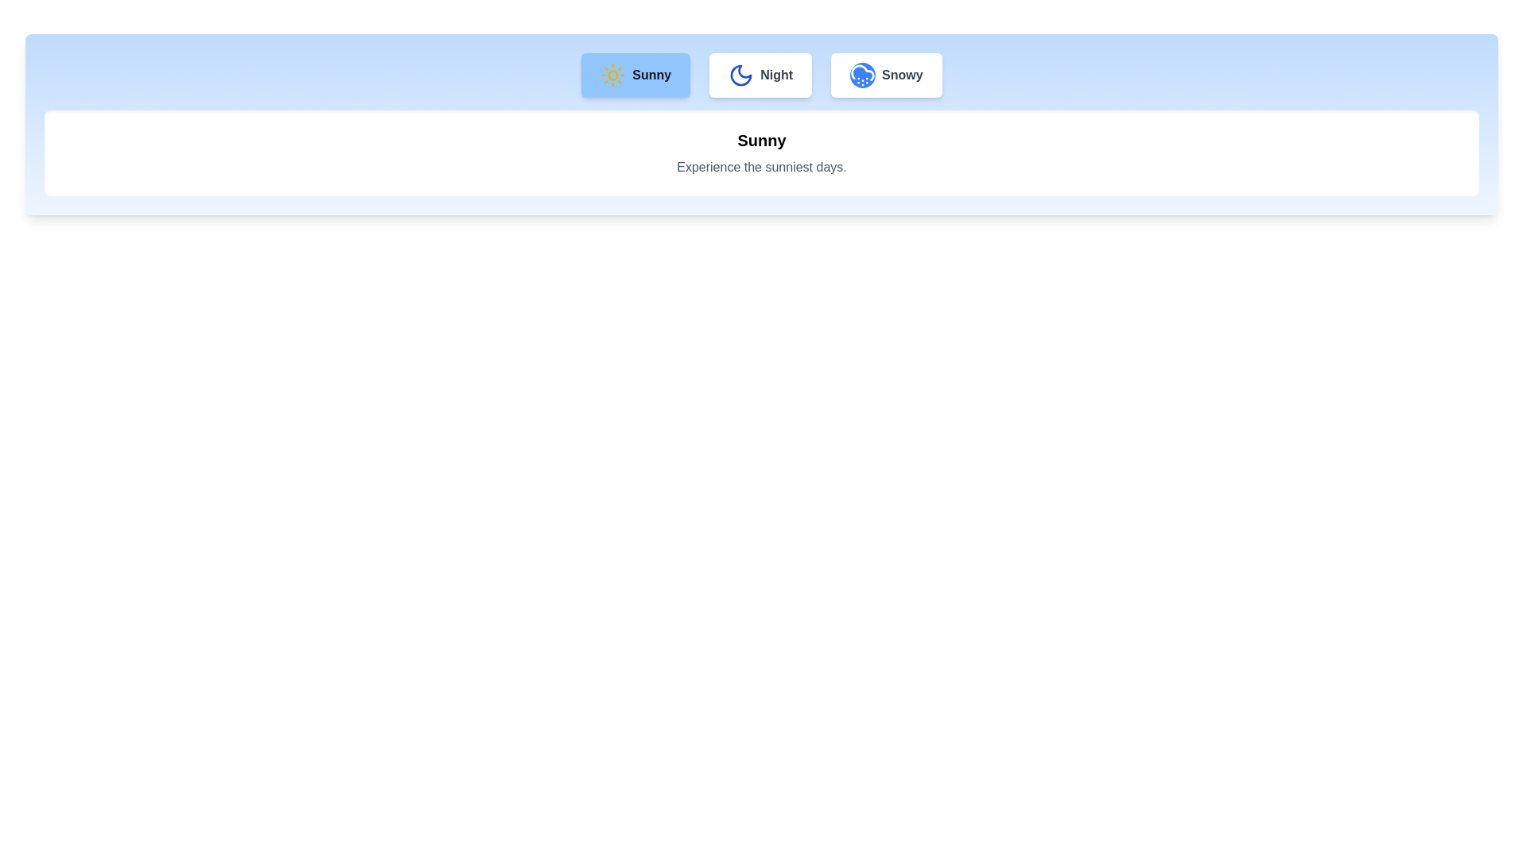 Image resolution: width=1527 pixels, height=858 pixels. What do you see at coordinates (885, 75) in the screenshot?
I see `the weather tab Snowy to view its details` at bounding box center [885, 75].